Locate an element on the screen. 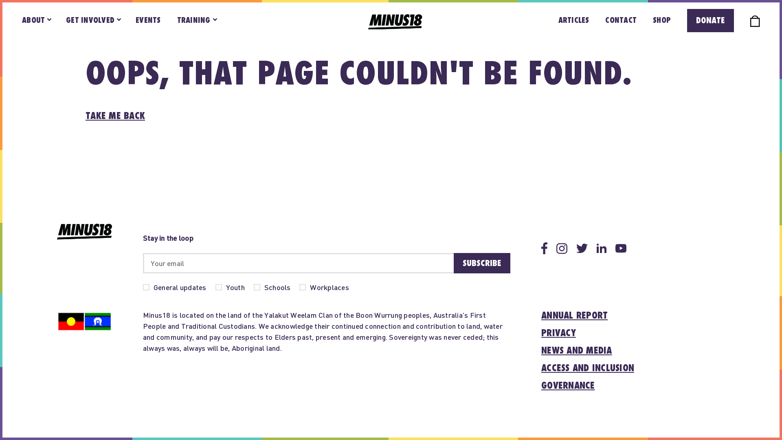 This screenshot has height=440, width=782. 'PRIVACY' is located at coordinates (541, 333).